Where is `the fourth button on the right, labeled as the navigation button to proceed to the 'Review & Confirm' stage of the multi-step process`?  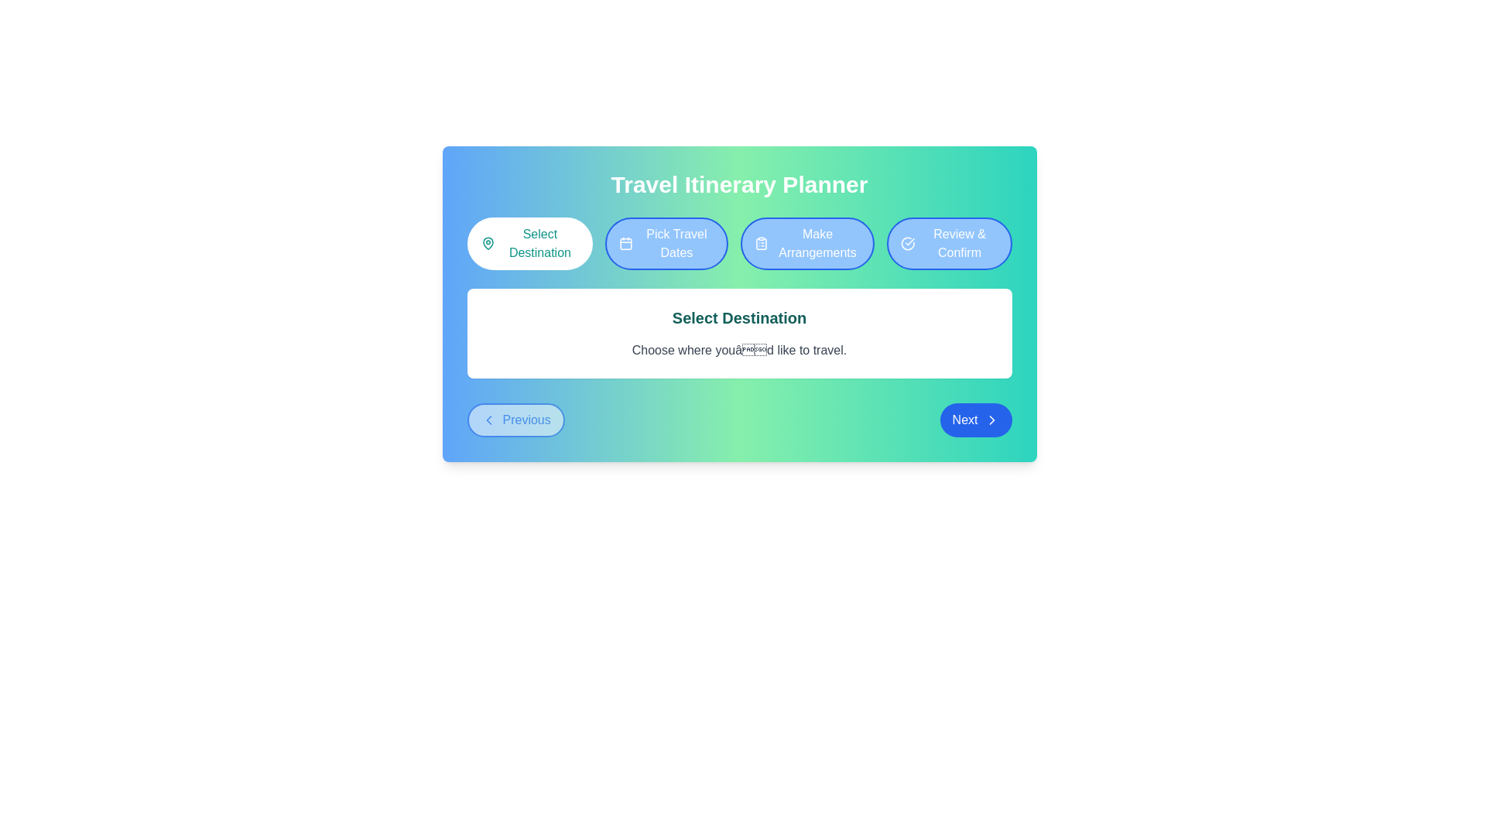
the fourth button on the right, labeled as the navigation button to proceed to the 'Review & Confirm' stage of the multi-step process is located at coordinates (948, 244).